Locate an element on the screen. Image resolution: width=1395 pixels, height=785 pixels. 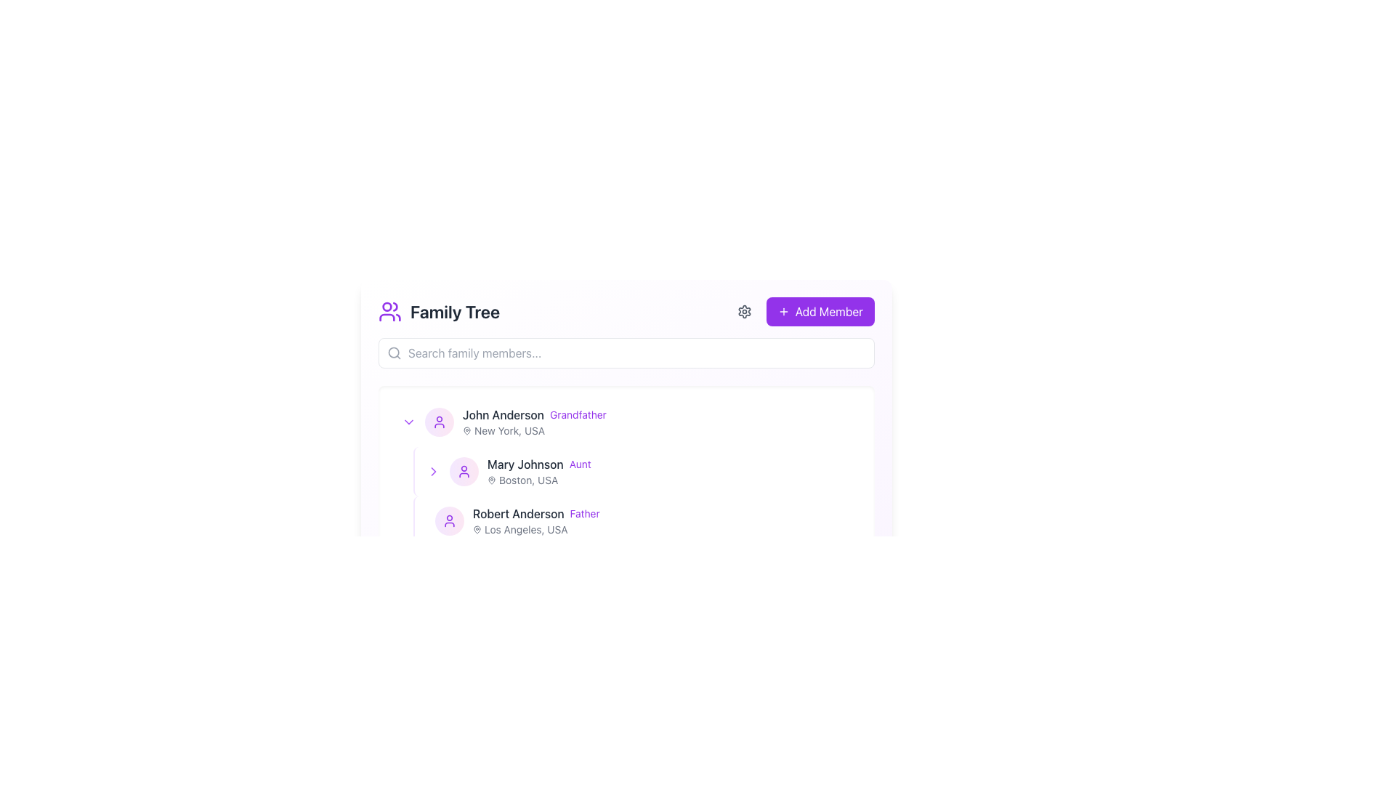
text content of the label identifying a family member, positioned between 'John Anderson' and 'Robert Anderson' in the family tree application is located at coordinates (525, 464).